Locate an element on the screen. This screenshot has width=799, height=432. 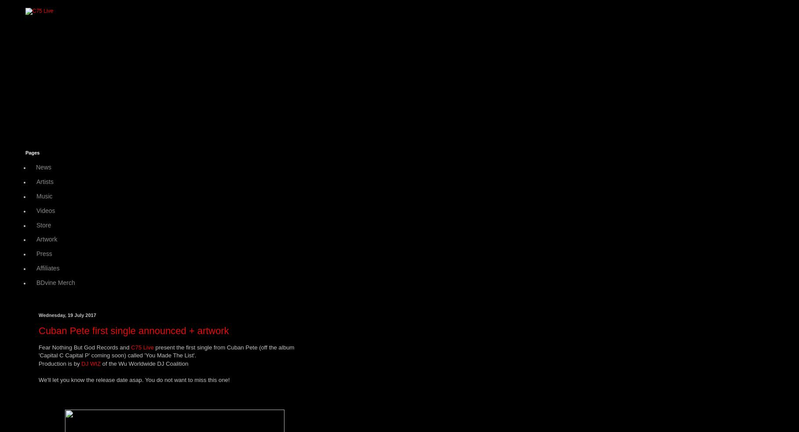
'of the Wu Worldwide DJ Coalition' is located at coordinates (144, 363).